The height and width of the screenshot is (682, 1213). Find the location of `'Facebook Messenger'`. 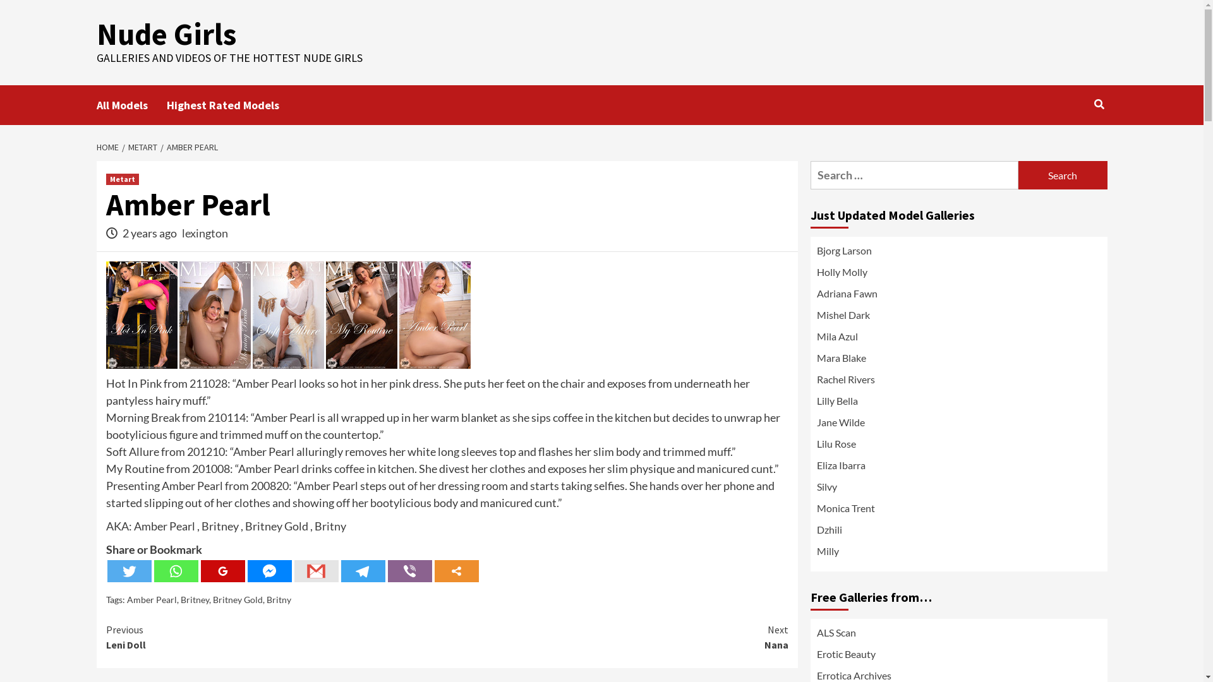

'Facebook Messenger' is located at coordinates (269, 571).